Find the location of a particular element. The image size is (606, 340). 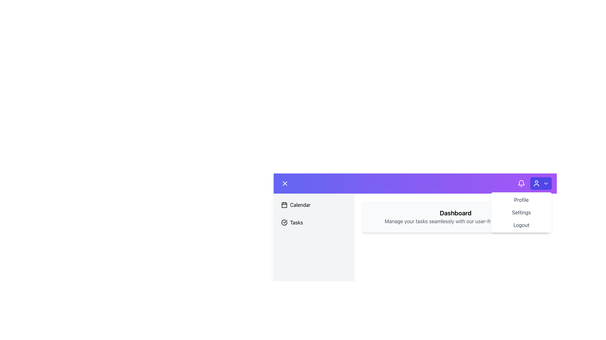

the first item in the dropdown menu that allows the user is located at coordinates (521, 200).